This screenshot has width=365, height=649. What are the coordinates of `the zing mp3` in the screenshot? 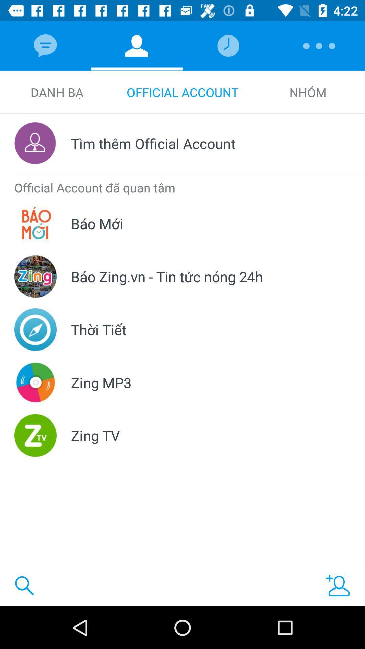 It's located at (101, 382).